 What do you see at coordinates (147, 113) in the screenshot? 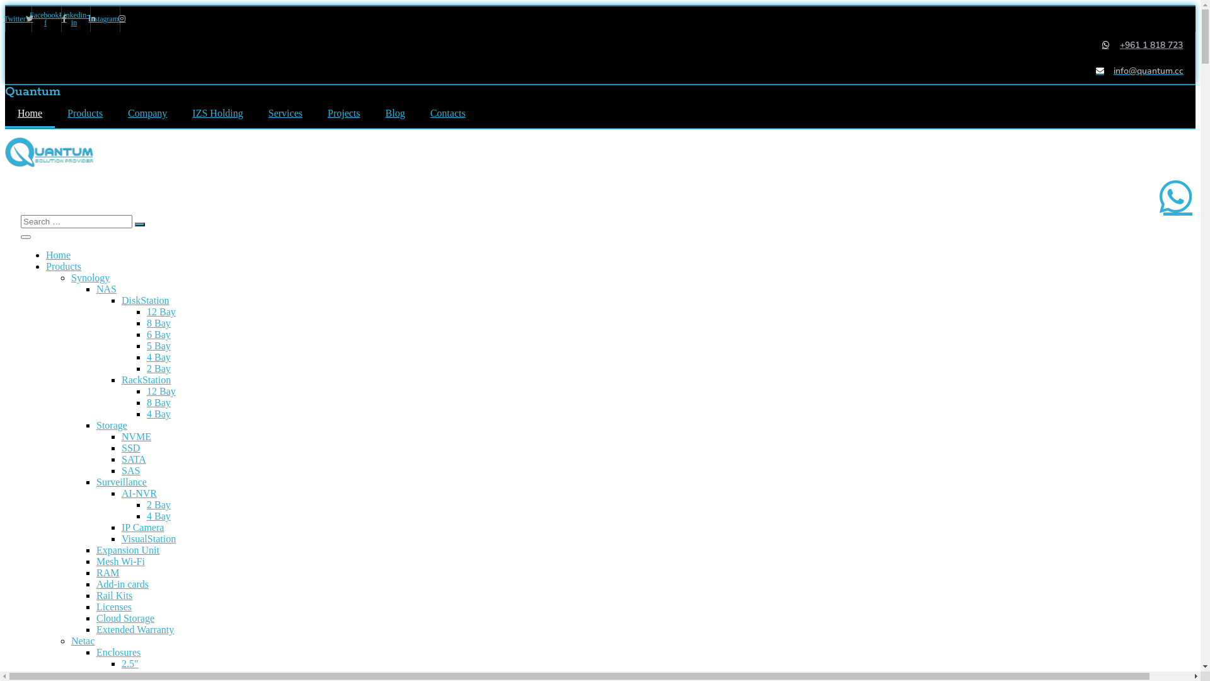
I see `'Company'` at bounding box center [147, 113].